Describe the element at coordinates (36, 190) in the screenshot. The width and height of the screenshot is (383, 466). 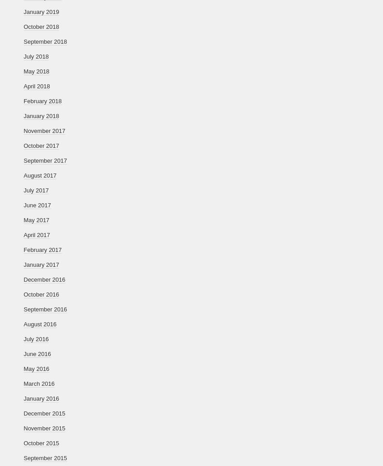
I see `'July 2017'` at that location.